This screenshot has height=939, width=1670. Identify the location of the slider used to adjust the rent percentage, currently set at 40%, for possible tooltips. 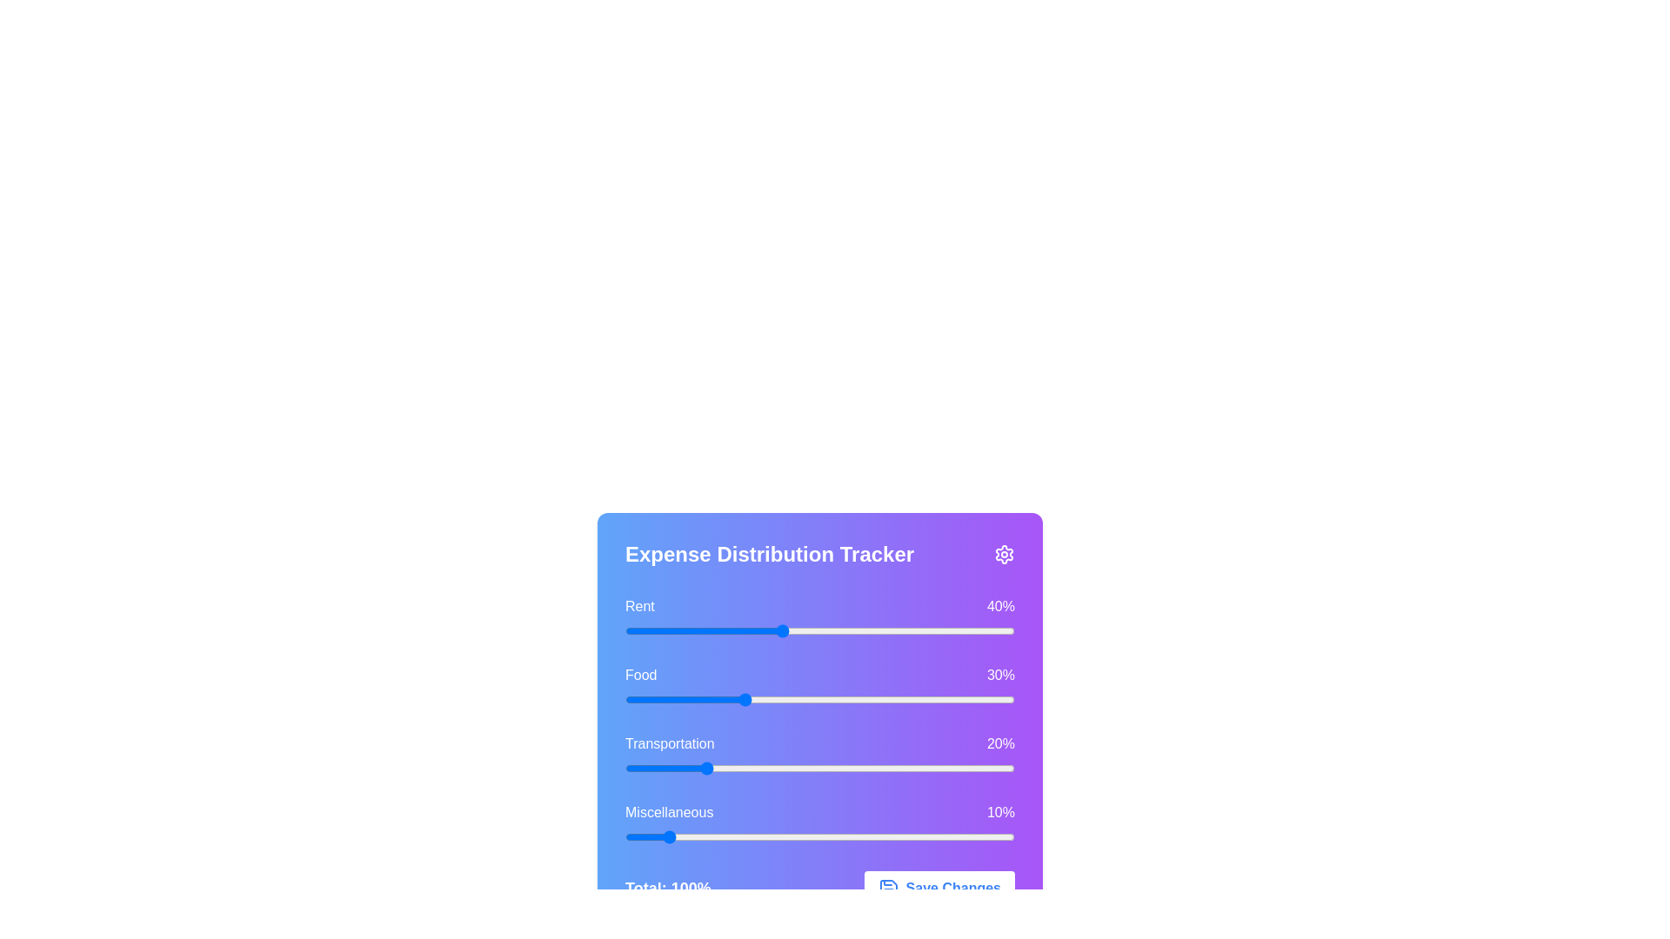
(818, 630).